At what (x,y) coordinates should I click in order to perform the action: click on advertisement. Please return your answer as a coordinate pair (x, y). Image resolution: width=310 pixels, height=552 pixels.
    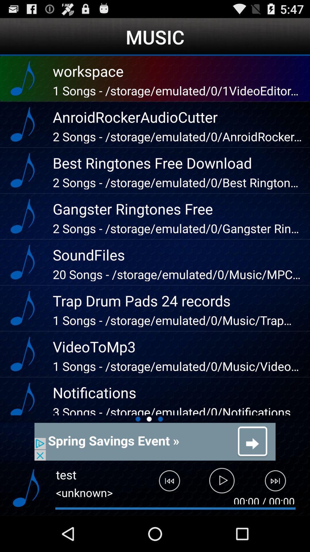
    Looking at the image, I should click on (155, 441).